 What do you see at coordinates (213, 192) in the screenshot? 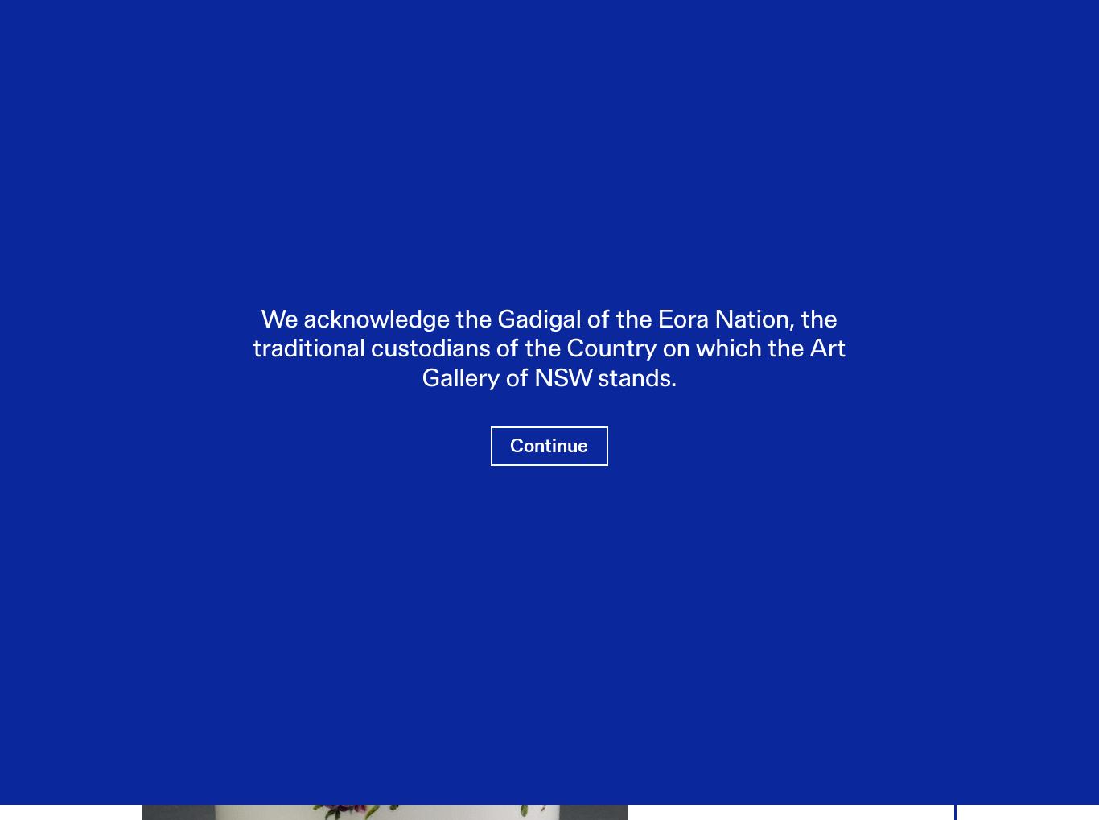
I see `'Collection'` at bounding box center [213, 192].